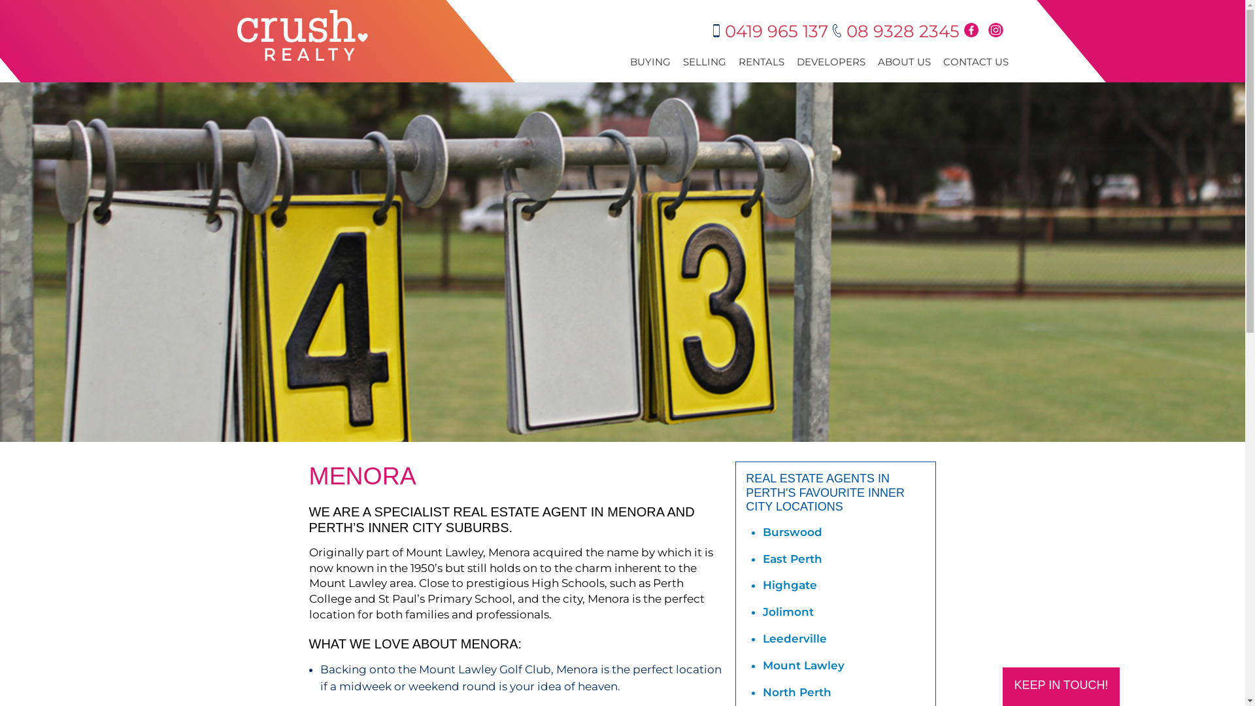  I want to click on 'ABOUT US', so click(877, 63).